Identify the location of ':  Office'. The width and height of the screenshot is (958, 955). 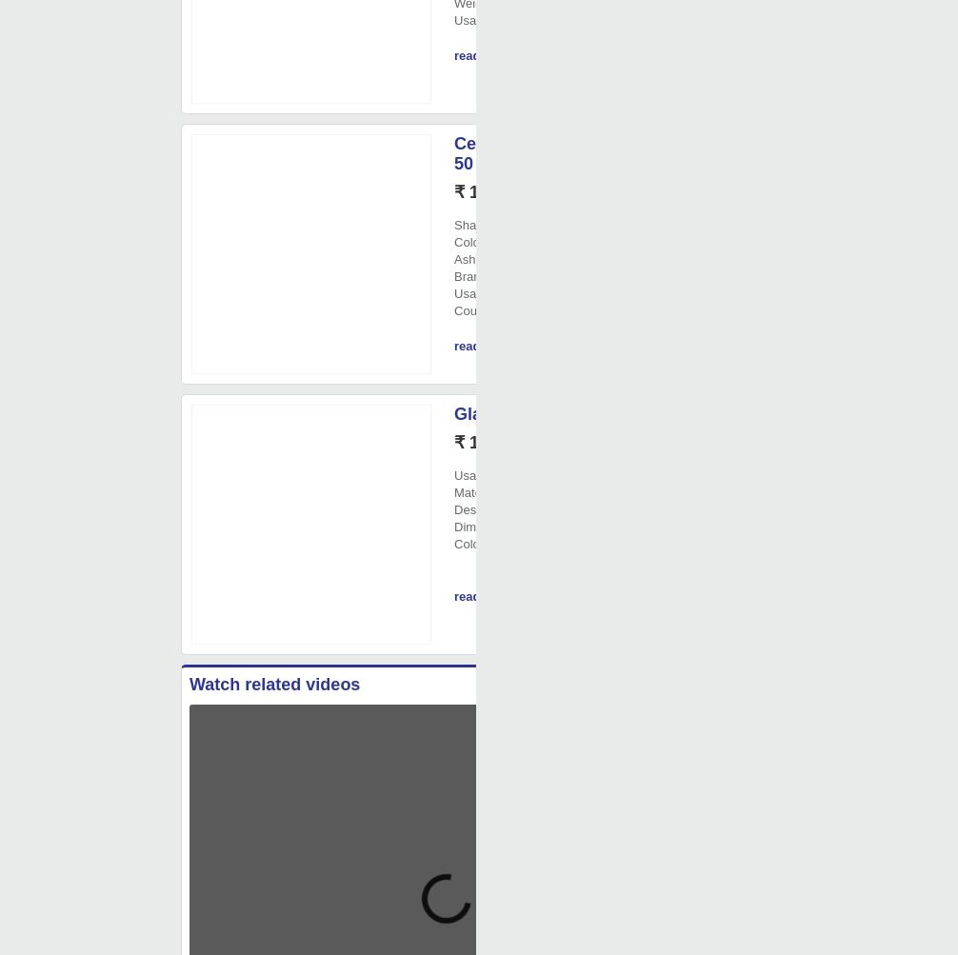
(575, 292).